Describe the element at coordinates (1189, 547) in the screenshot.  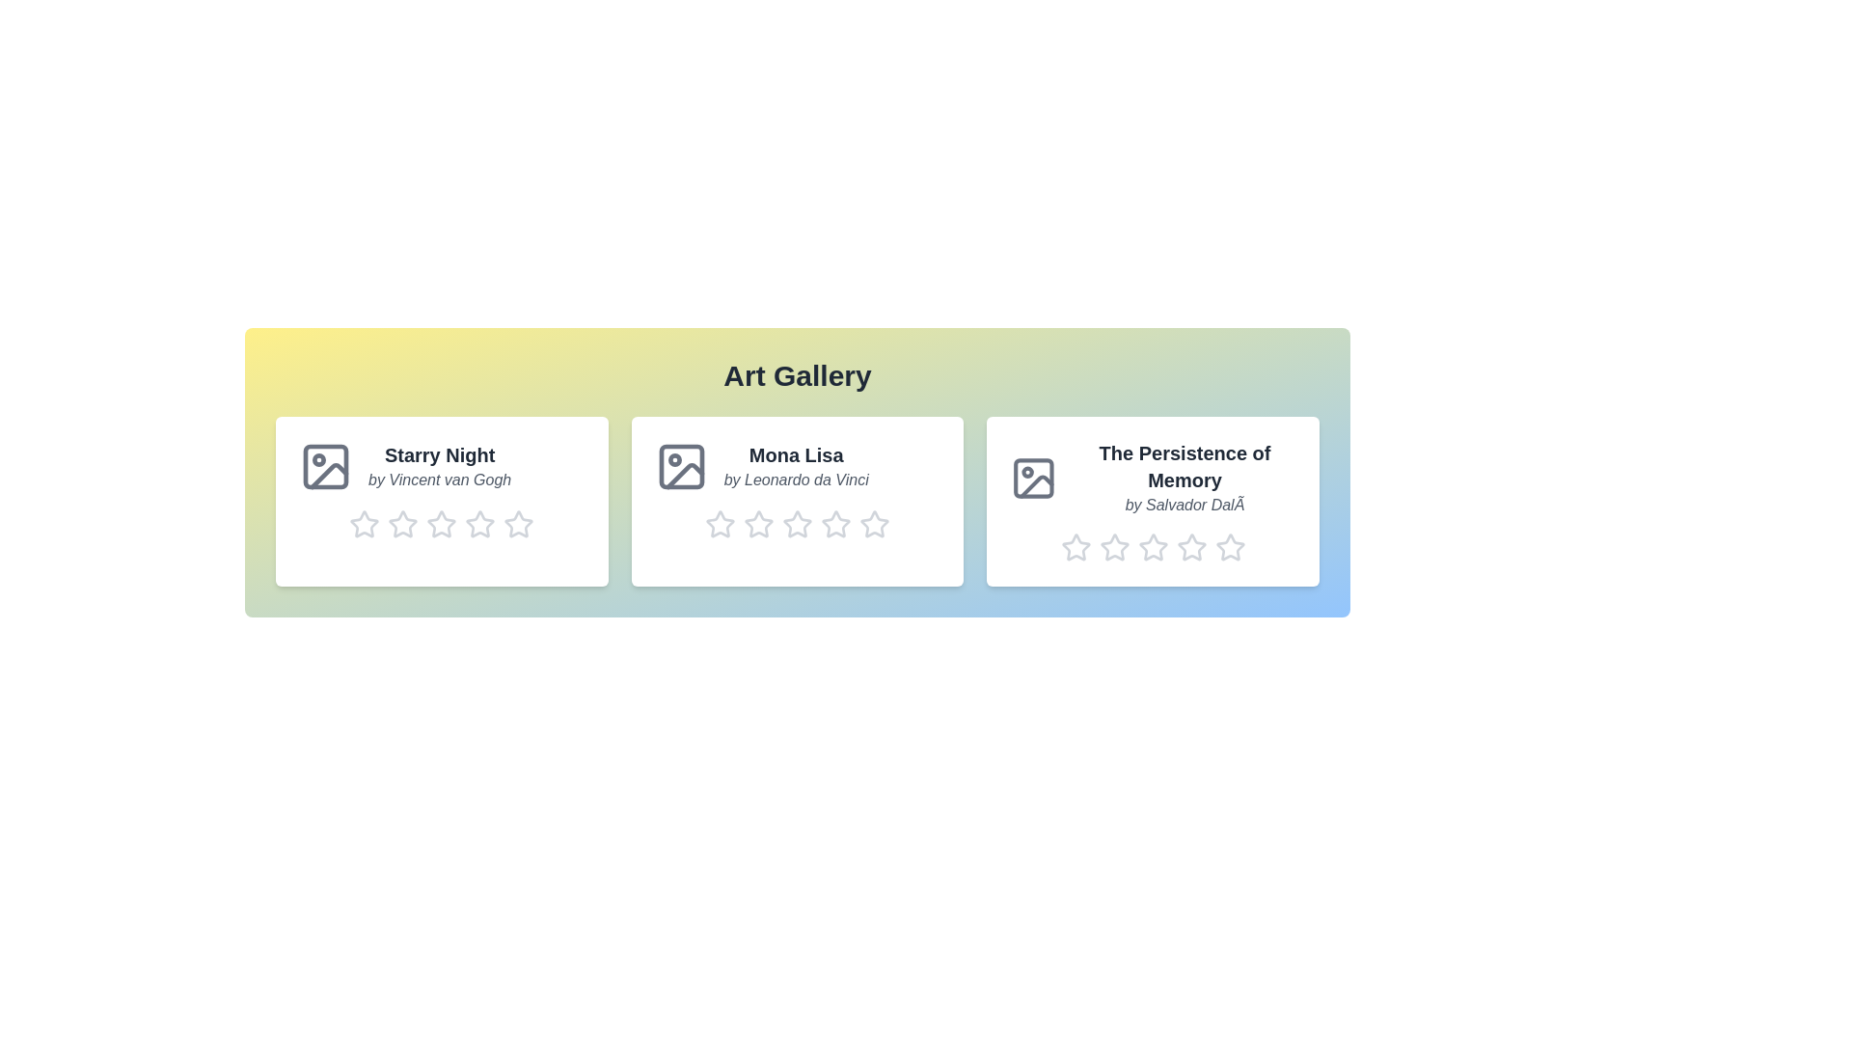
I see `the rating for the artwork 'The Persistence of Memory' to 4 stars` at that location.